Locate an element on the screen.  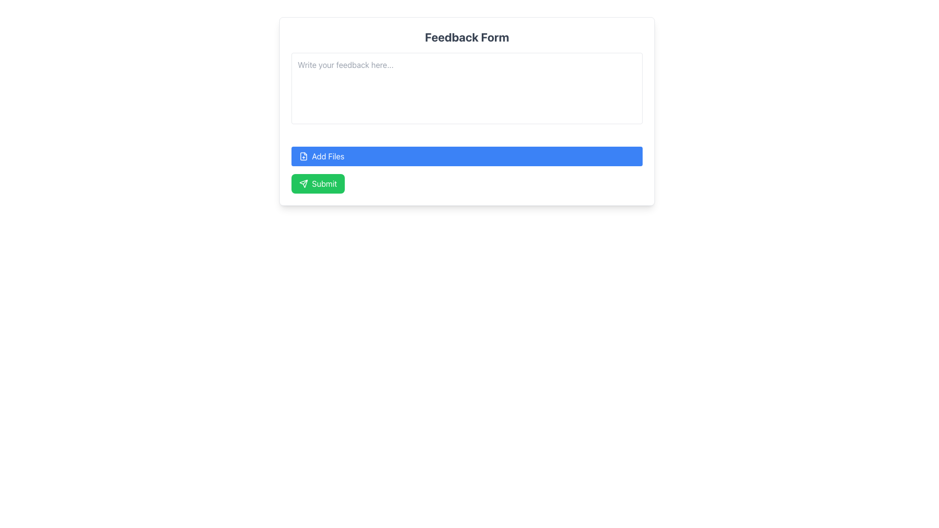
the rectangular document-shaped icon with a folded corner, which is part of a group of four icons, located to the left of the group is located at coordinates (303, 156).